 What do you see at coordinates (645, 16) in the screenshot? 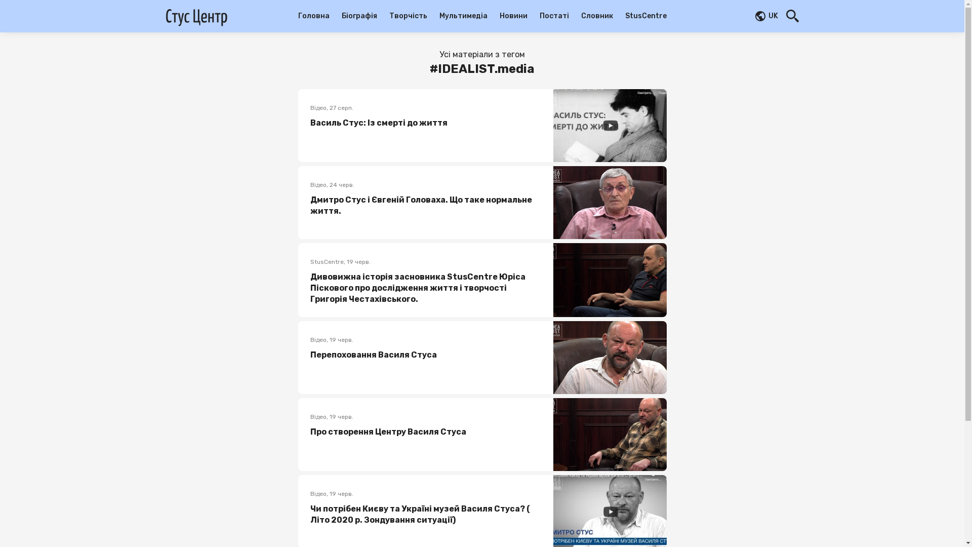
I see `'StusCentre'` at bounding box center [645, 16].